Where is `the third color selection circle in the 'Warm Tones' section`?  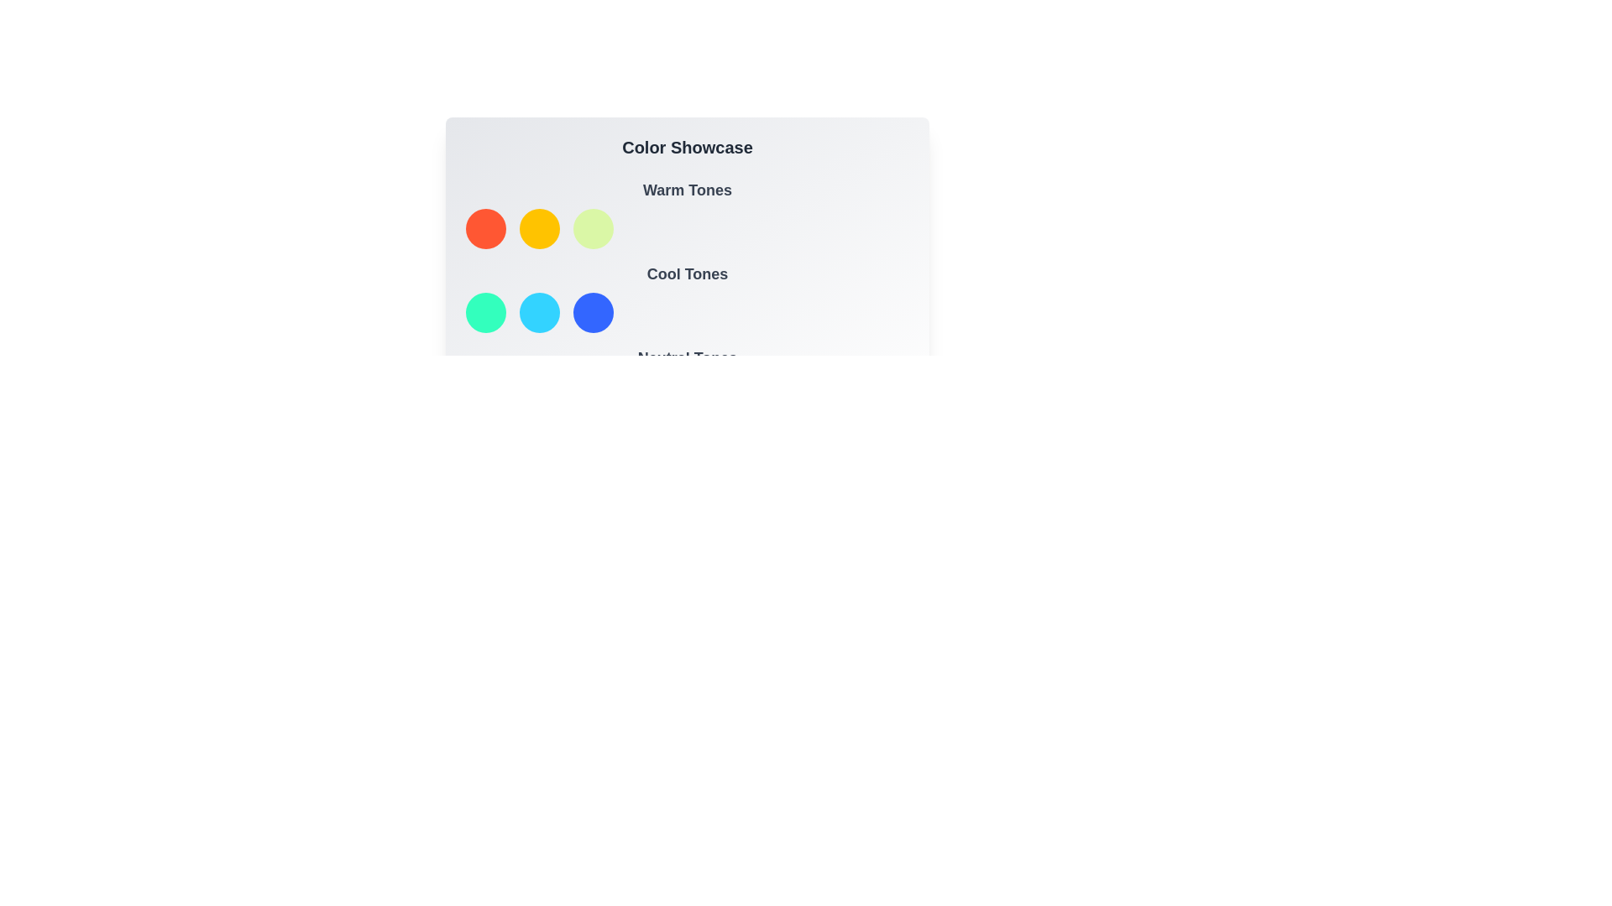 the third color selection circle in the 'Warm Tones' section is located at coordinates (593, 229).